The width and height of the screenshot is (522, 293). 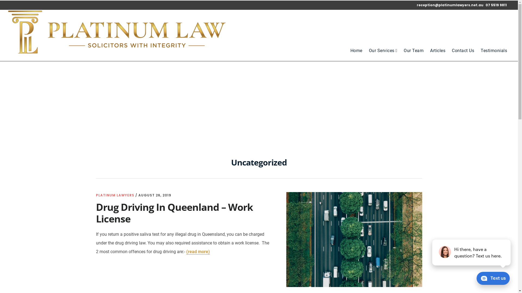 What do you see at coordinates (186, 252) in the screenshot?
I see `'(read more)'` at bounding box center [186, 252].